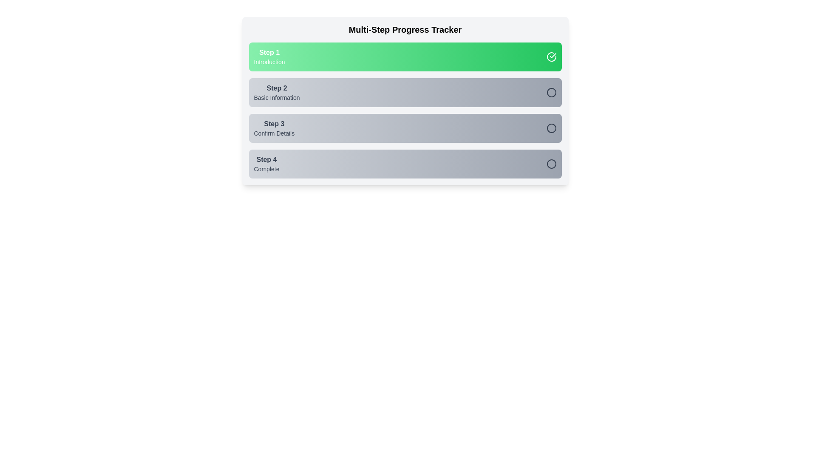 The image size is (816, 459). Describe the element at coordinates (277, 97) in the screenshot. I see `the text label that describes 'Step 2' in the multi-step progress tracker, which is located immediately below the 'Step 2' text` at that location.